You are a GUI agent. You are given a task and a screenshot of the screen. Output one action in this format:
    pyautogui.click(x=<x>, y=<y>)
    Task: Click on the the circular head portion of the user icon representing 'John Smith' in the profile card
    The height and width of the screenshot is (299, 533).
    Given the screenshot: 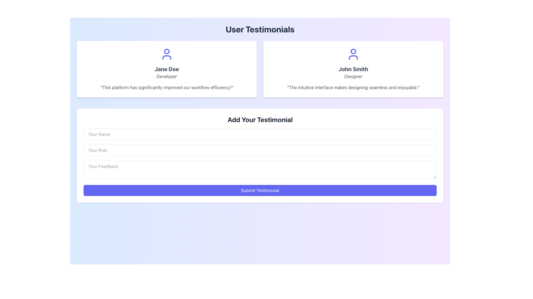 What is the action you would take?
    pyautogui.click(x=353, y=51)
    